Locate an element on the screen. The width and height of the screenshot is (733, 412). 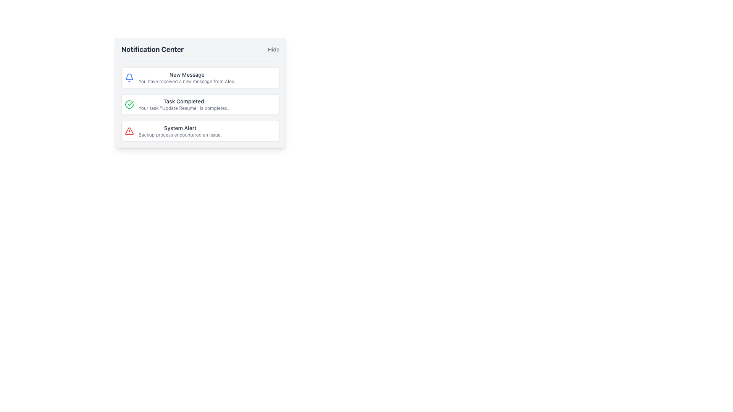
the first Notification card in the notification center is located at coordinates (200, 78).